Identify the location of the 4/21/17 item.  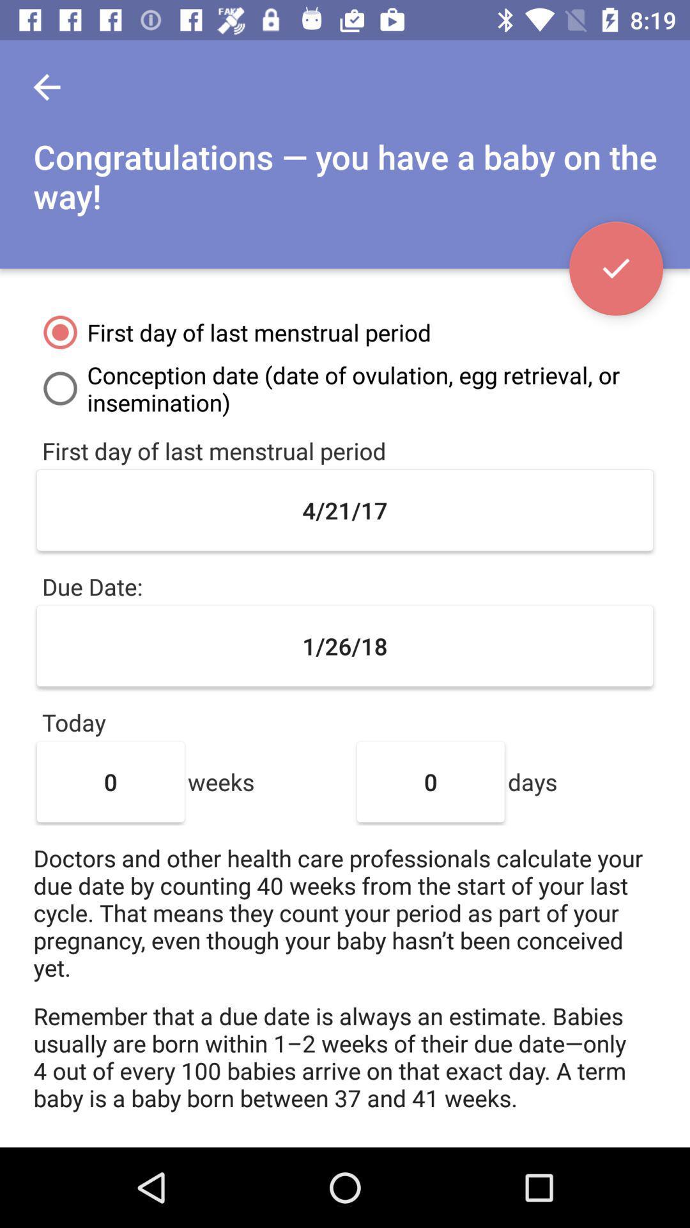
(345, 509).